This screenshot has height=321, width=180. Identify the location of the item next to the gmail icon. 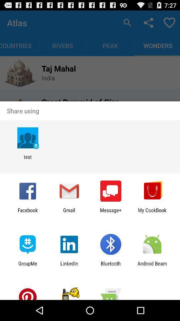
(27, 213).